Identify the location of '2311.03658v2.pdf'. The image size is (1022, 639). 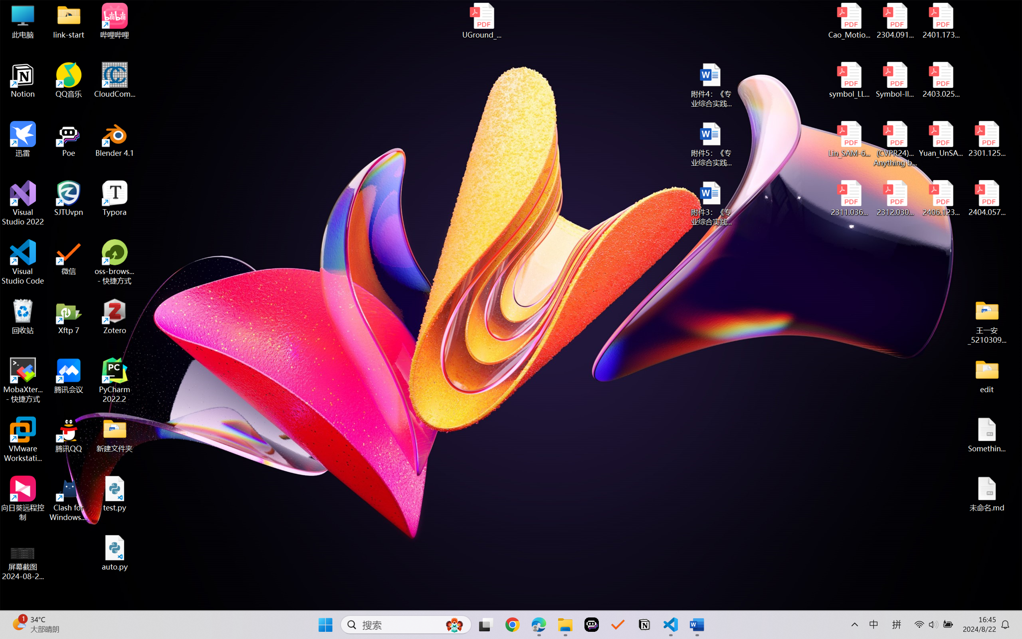
(849, 198).